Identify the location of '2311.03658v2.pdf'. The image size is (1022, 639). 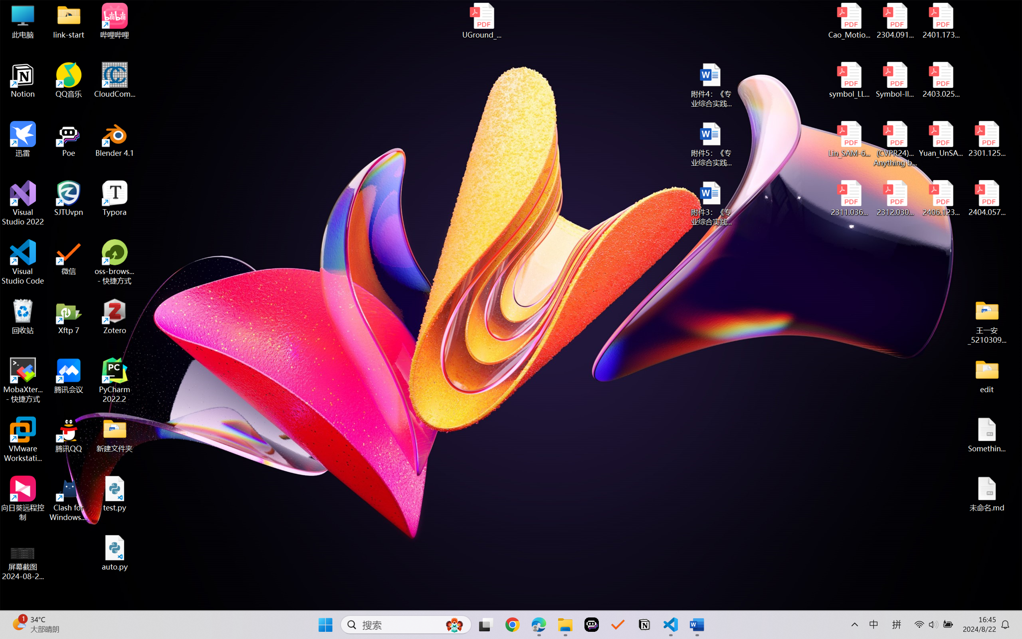
(849, 198).